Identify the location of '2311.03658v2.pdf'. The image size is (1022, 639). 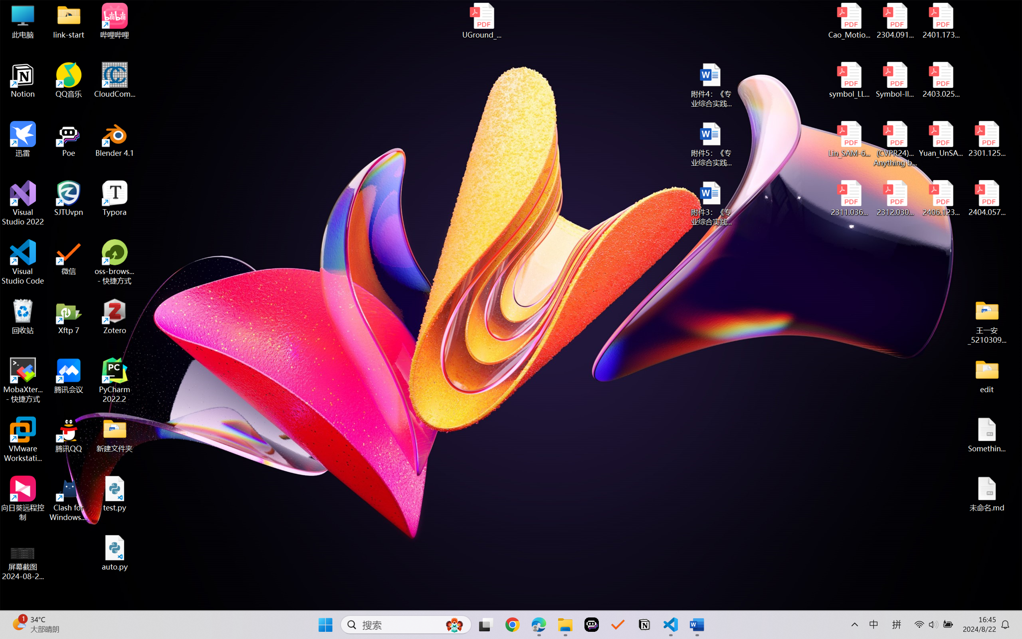
(849, 198).